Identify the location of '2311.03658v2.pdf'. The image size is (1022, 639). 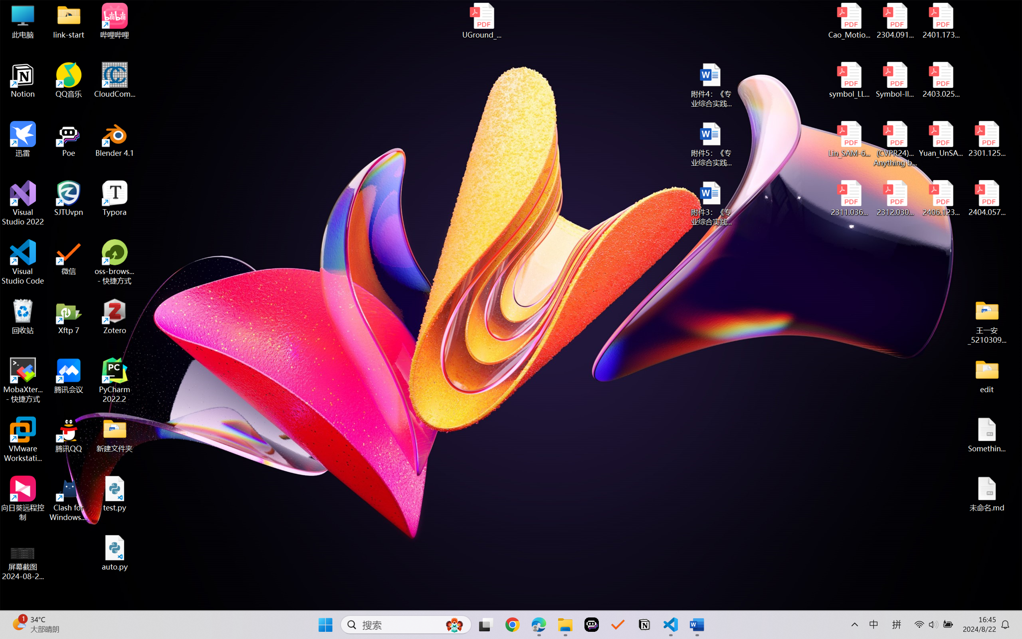
(849, 198).